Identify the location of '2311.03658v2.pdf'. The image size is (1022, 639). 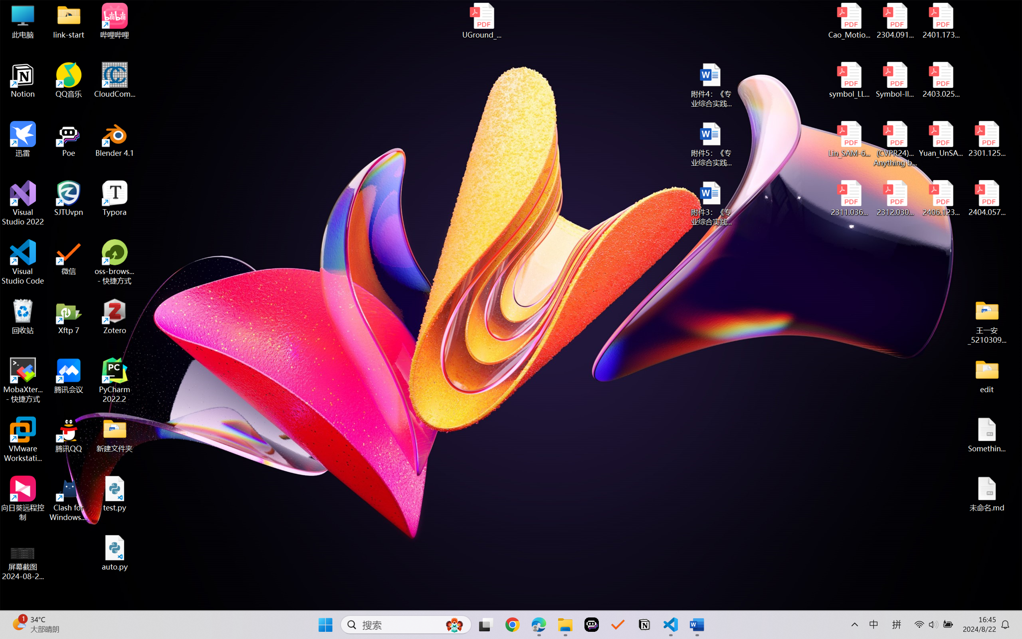
(849, 198).